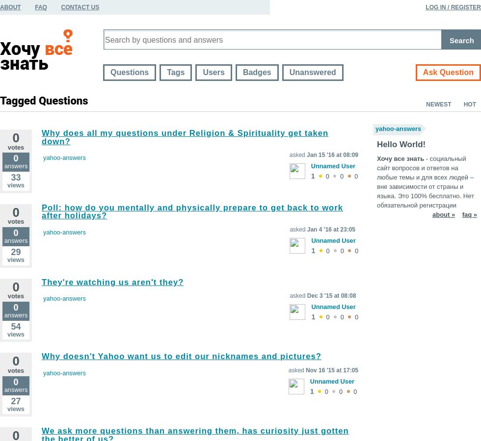 This screenshot has height=441, width=481. What do you see at coordinates (332, 154) in the screenshot?
I see `'Jan 15 '16 at 08:09'` at bounding box center [332, 154].